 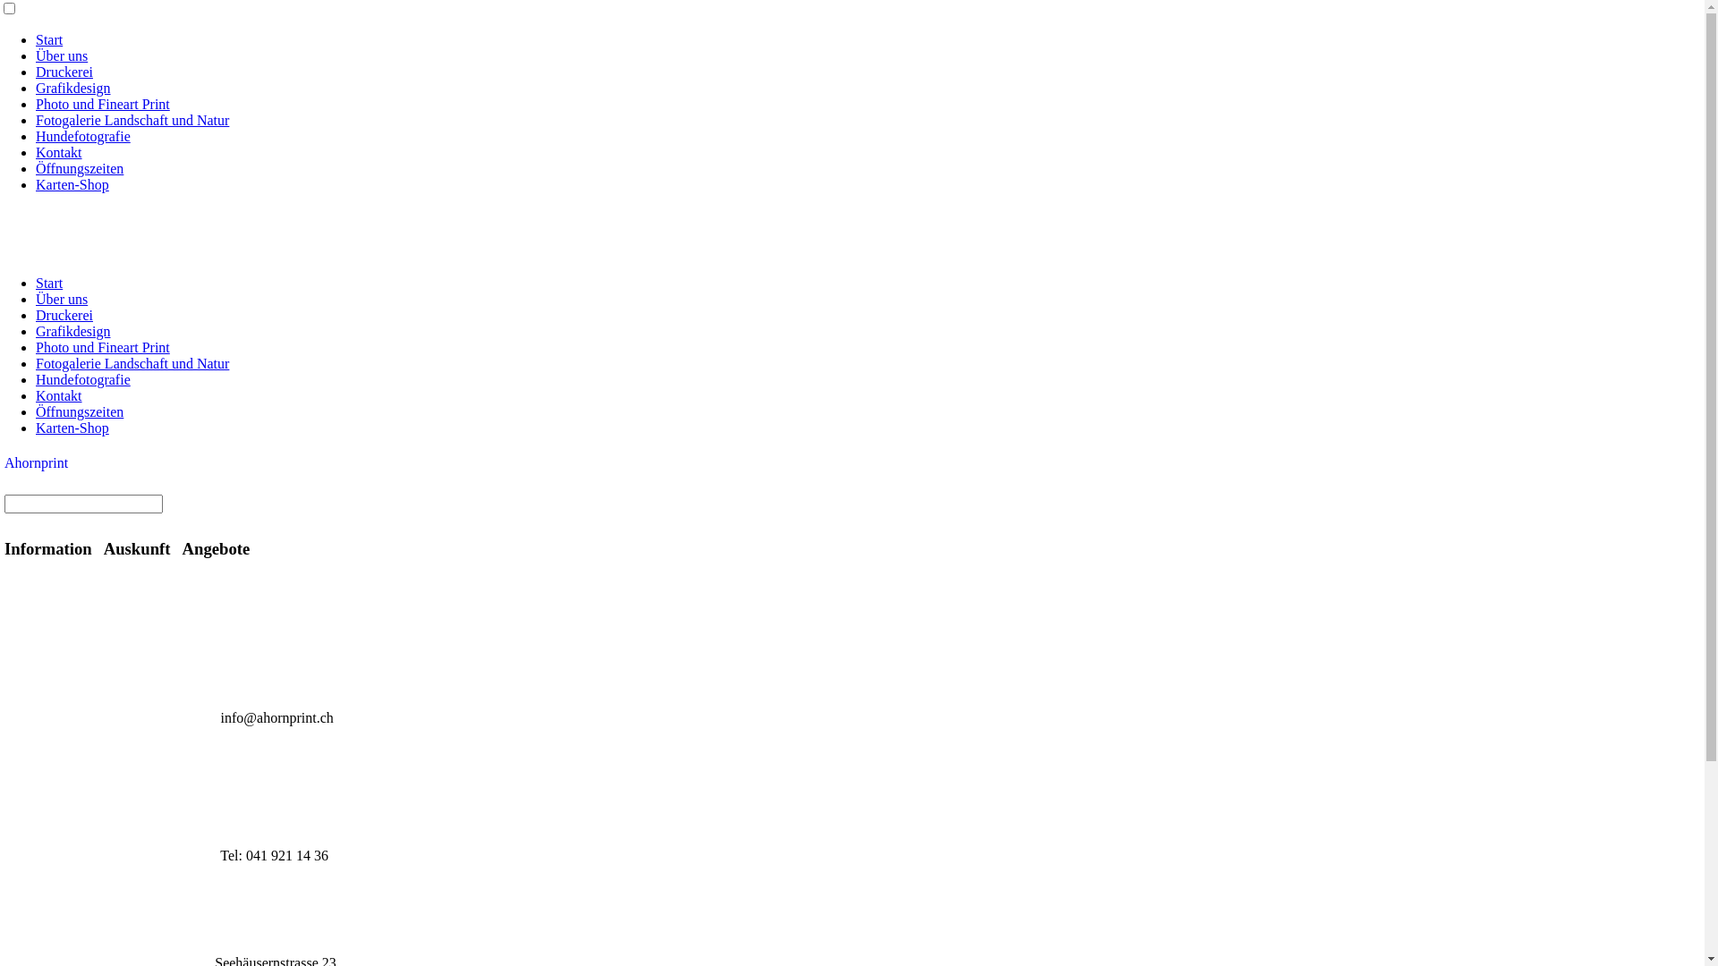 I want to click on 'Karten-Shop', so click(x=72, y=184).